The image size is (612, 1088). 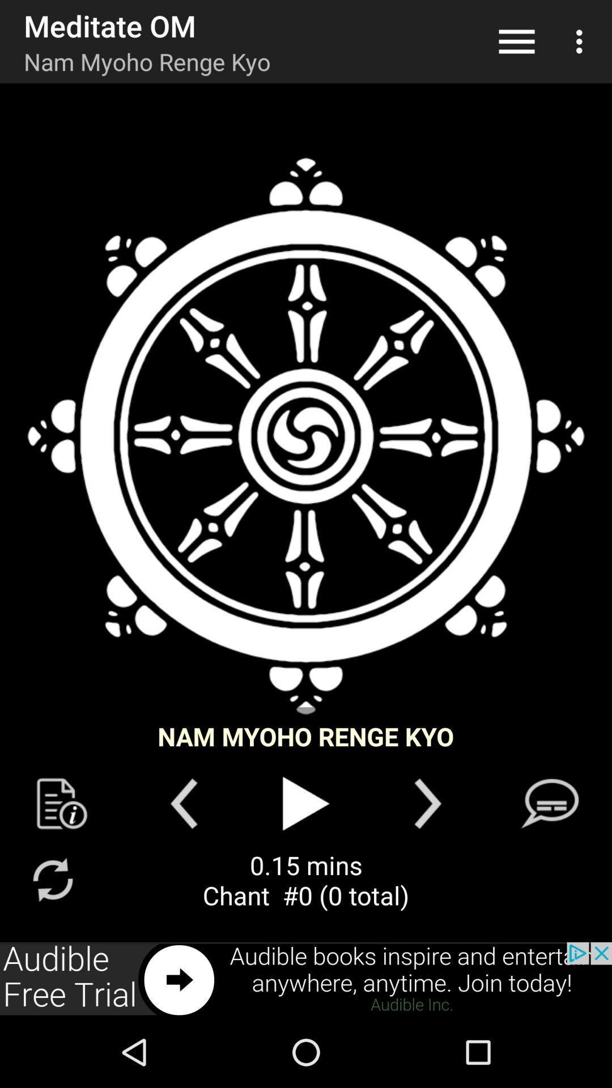 I want to click on open text option, so click(x=549, y=803).